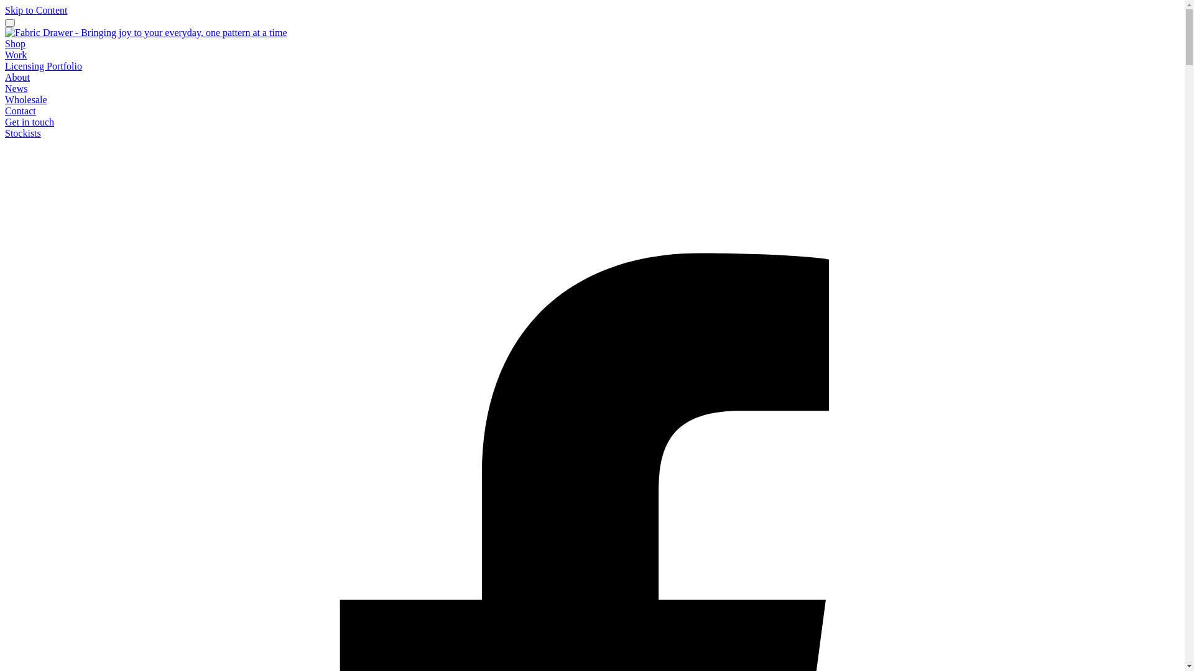 The image size is (1194, 671). Describe the element at coordinates (26, 99) in the screenshot. I see `'Wholesale'` at that location.